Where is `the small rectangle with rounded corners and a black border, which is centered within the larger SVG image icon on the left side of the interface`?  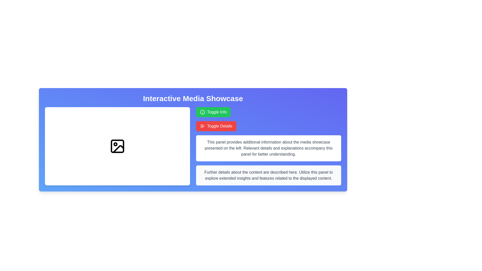
the small rectangle with rounded corners and a black border, which is centered within the larger SVG image icon on the left side of the interface is located at coordinates (117, 146).